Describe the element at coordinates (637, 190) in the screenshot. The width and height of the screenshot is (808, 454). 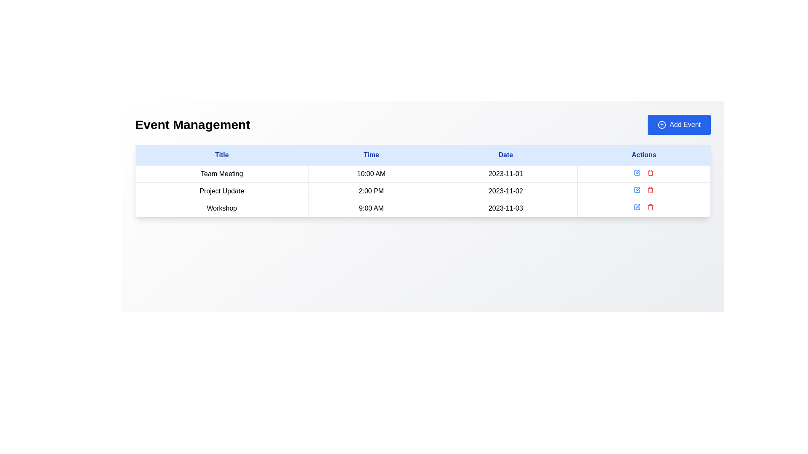
I see `the edit icon button located in the 'Actions' column of the second row in the table to initiate editing` at that location.